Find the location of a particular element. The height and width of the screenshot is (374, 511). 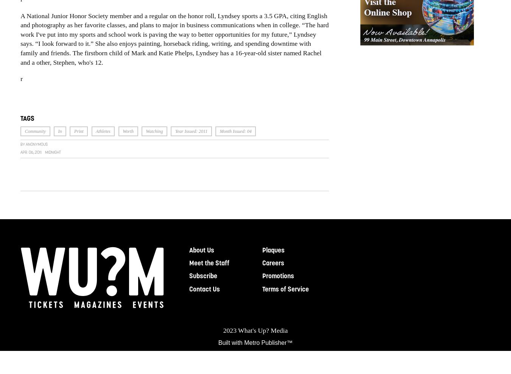

'Anonymous' is located at coordinates (36, 143).